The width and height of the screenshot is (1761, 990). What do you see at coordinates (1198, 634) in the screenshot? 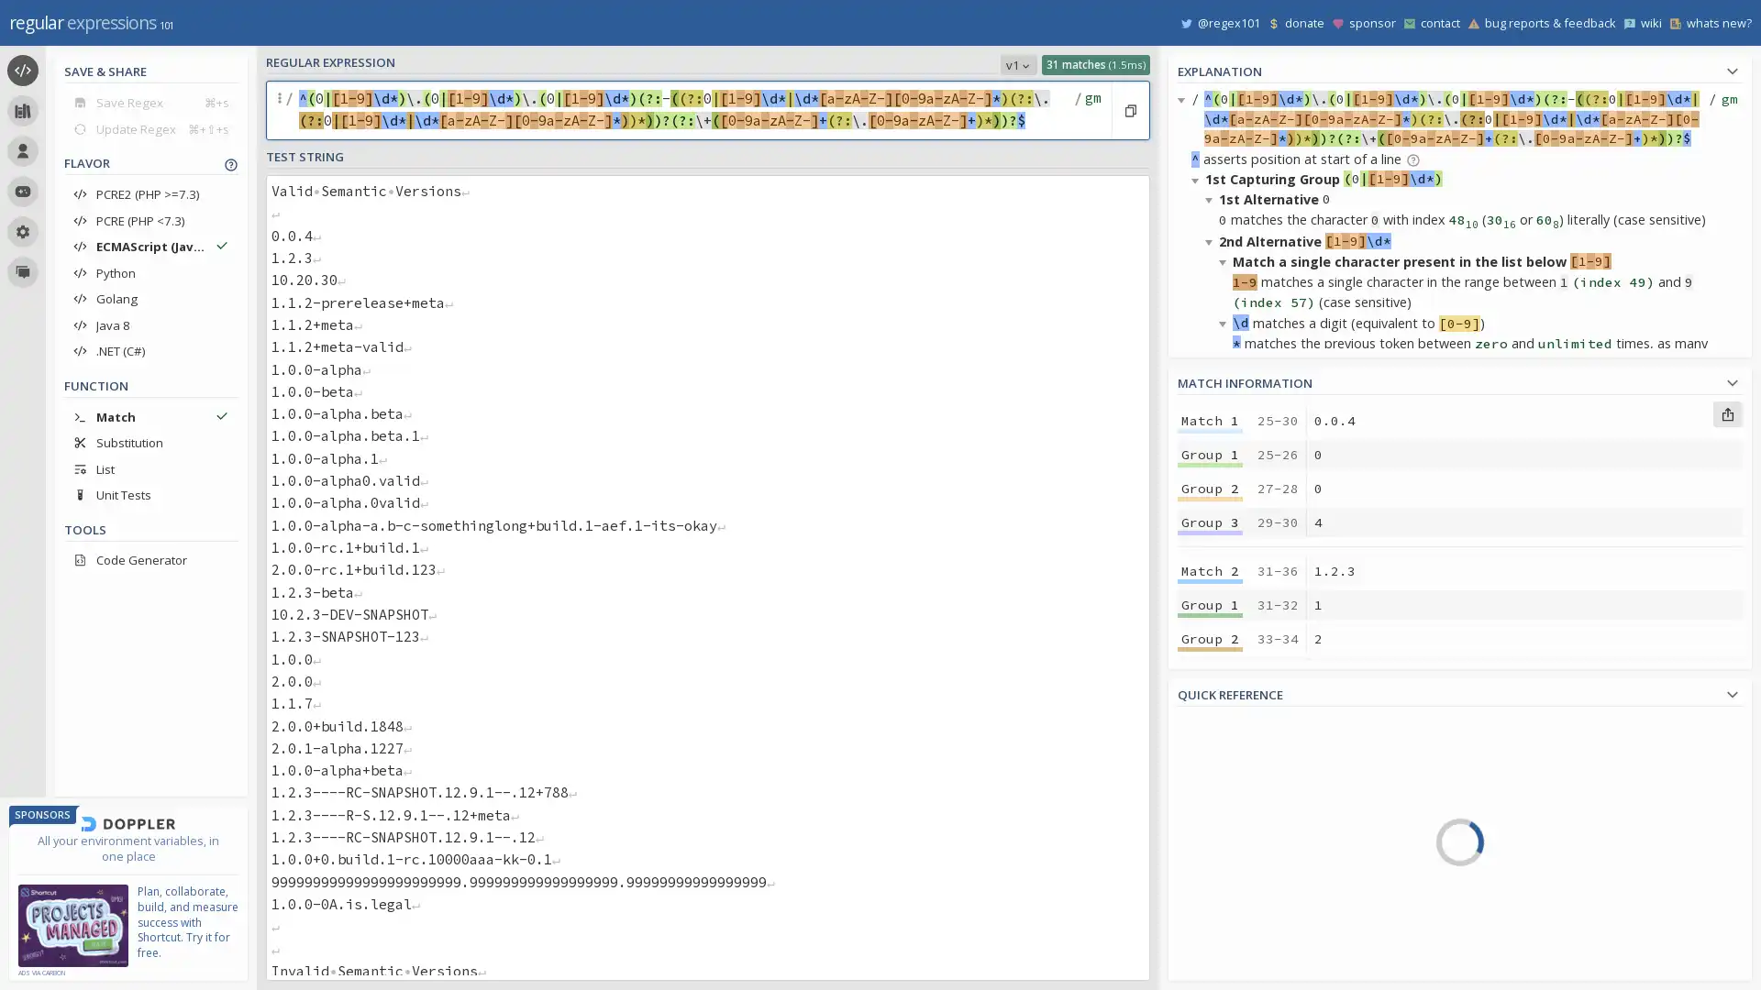
I see `Collapse Subtree` at bounding box center [1198, 634].